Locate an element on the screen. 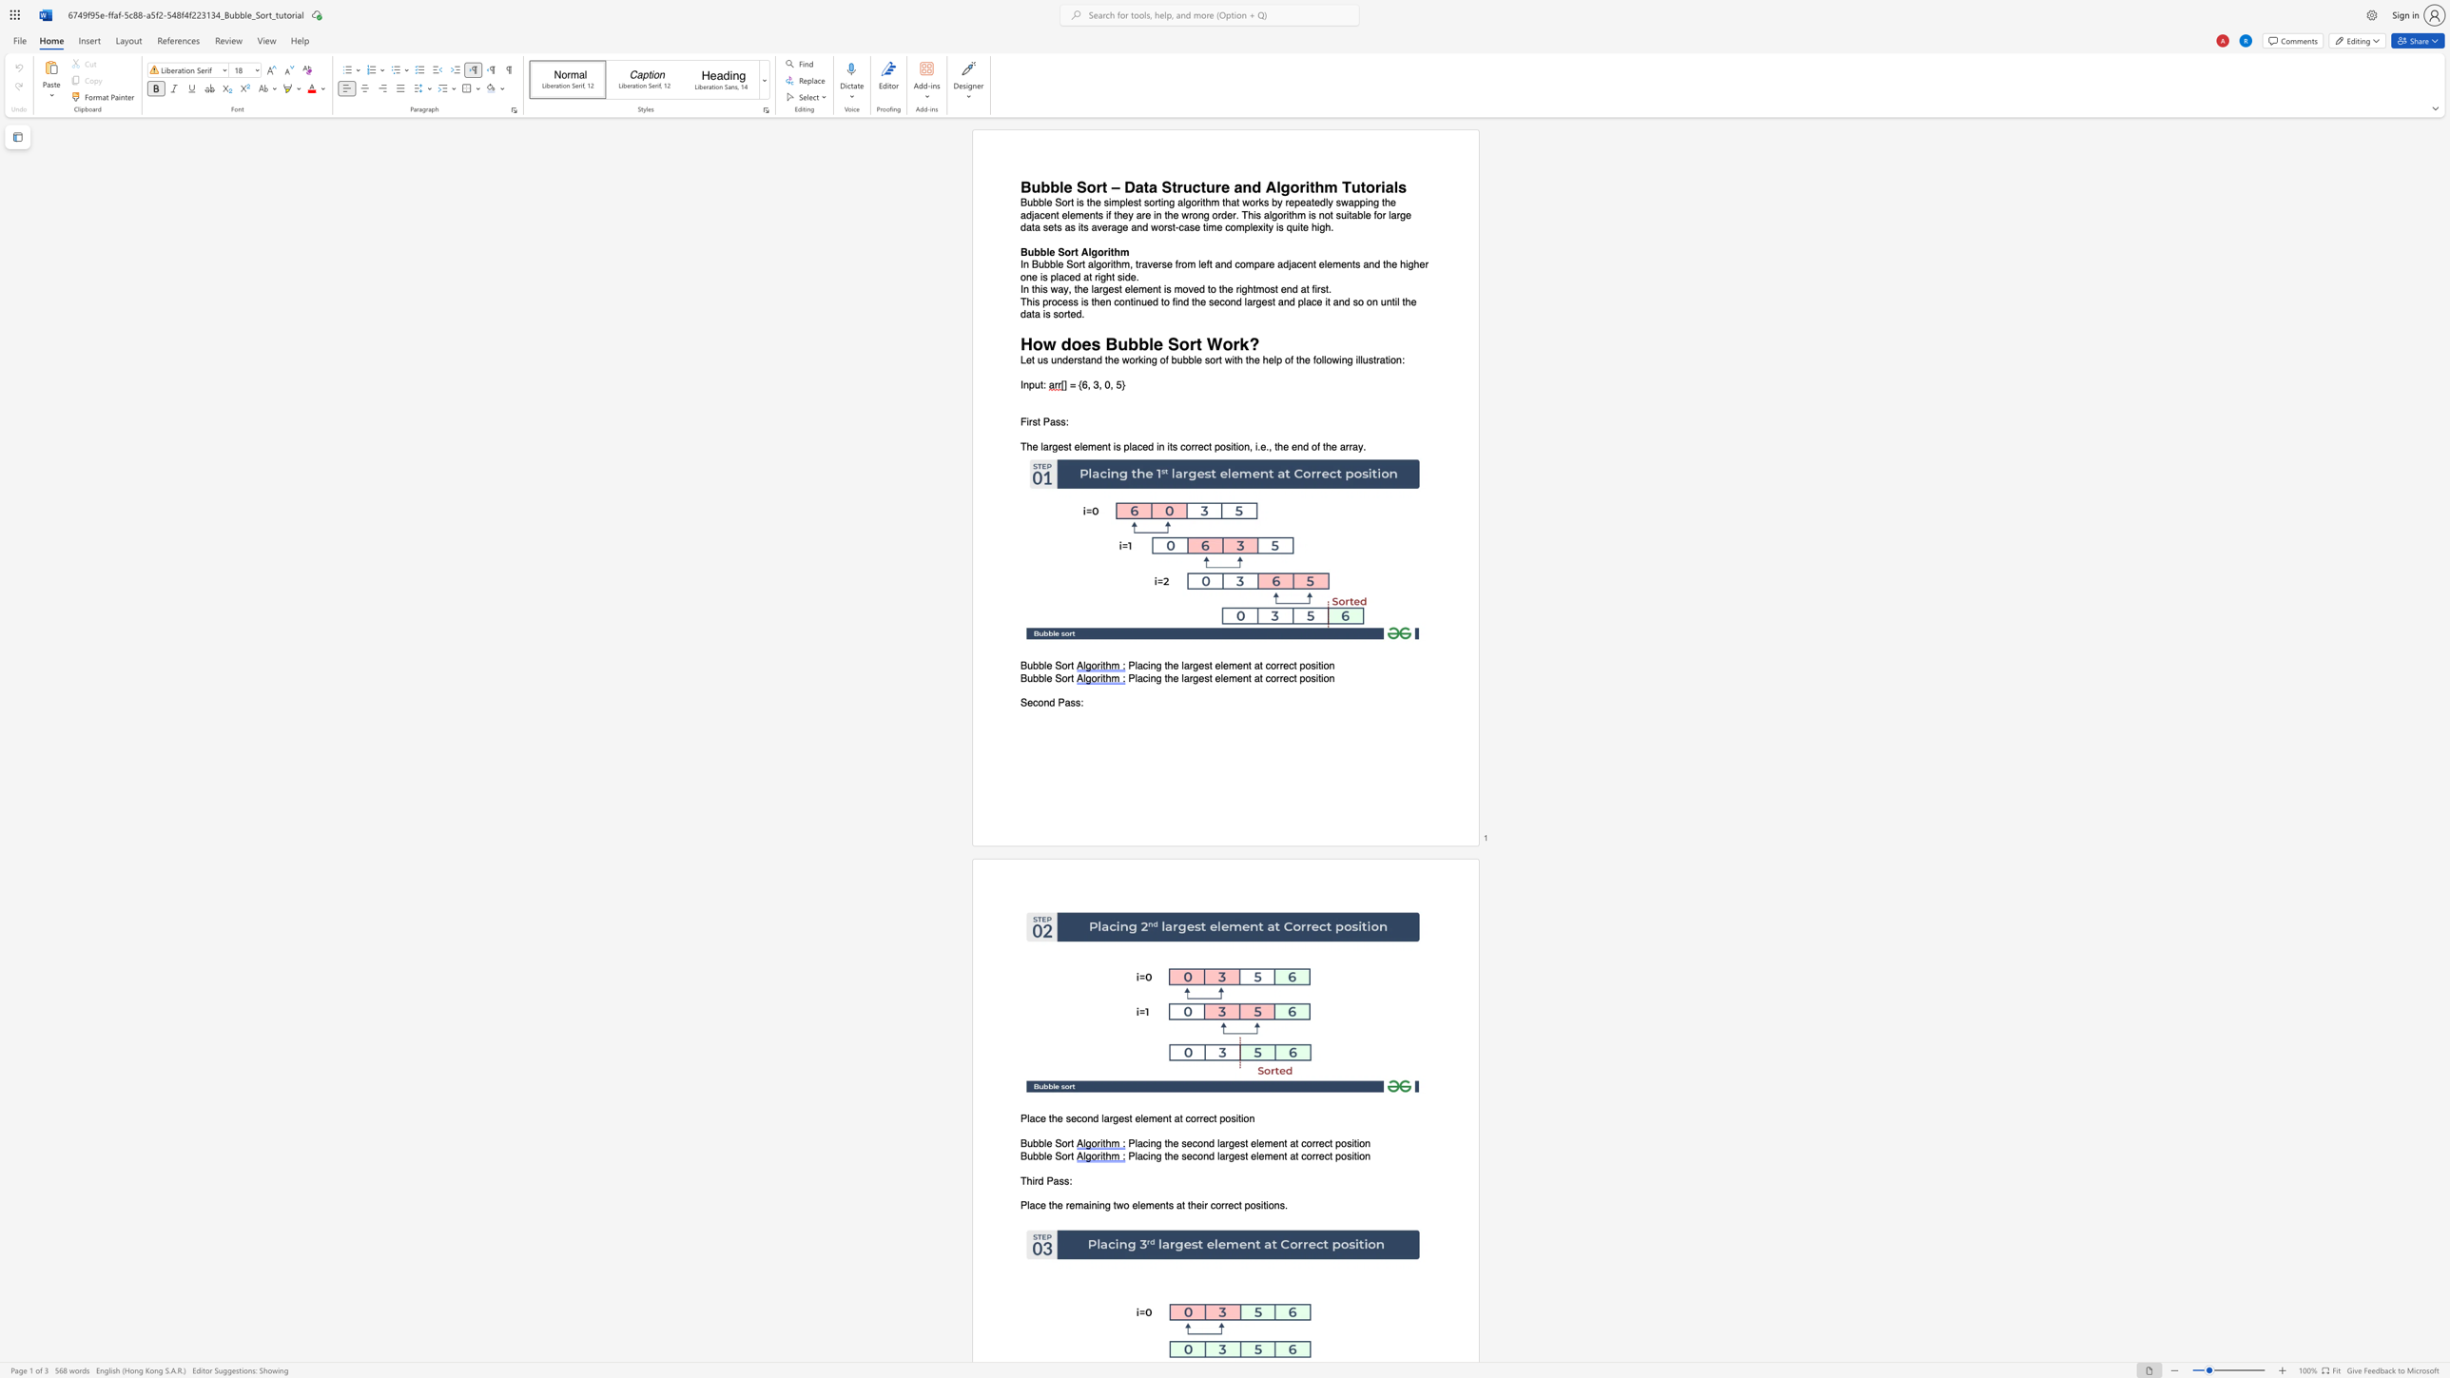  the subset text "most end at" within the text "In this way, the largest element is moved to the rightmost end at first." is located at coordinates (1255, 289).